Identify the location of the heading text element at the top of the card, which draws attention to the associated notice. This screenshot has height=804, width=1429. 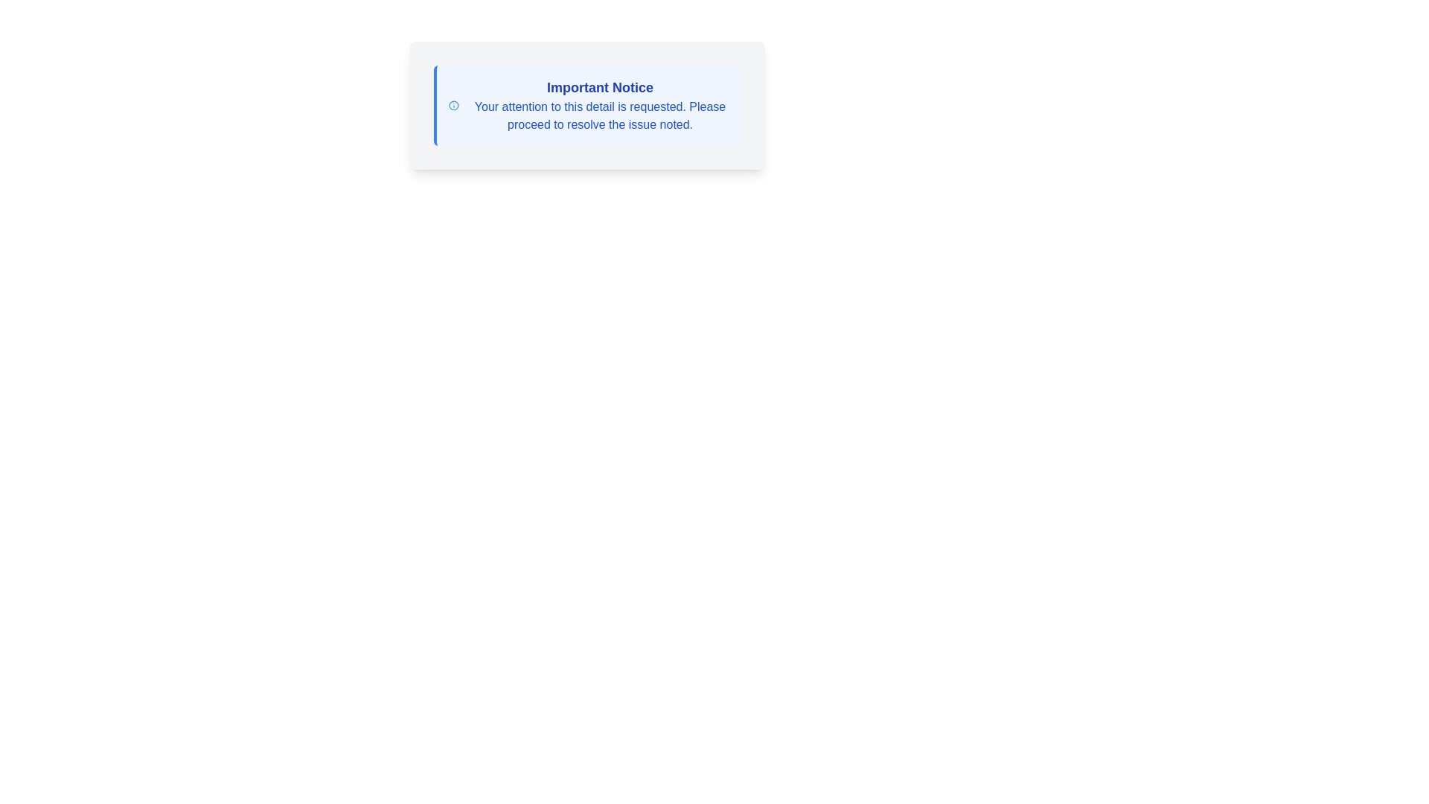
(600, 88).